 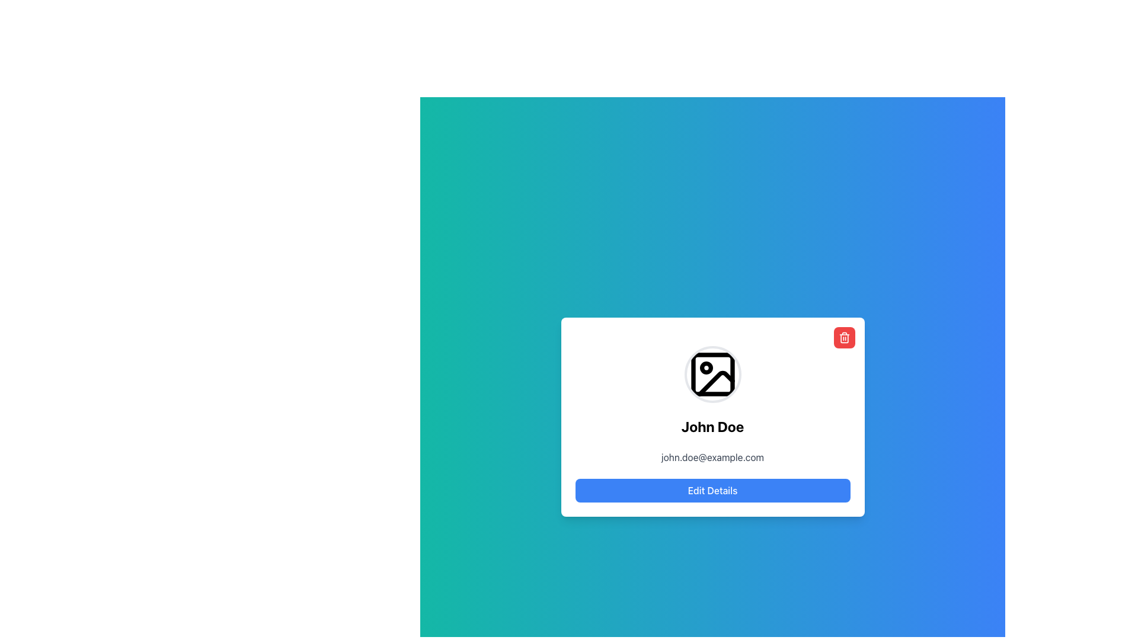 What do you see at coordinates (712, 491) in the screenshot?
I see `the button that allows access or editing of details for user 'John Doe', positioned below the email address 'john.doe@example.com'` at bounding box center [712, 491].